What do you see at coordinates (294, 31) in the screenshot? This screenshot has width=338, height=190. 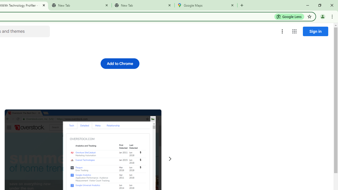 I see `'Google apps'` at bounding box center [294, 31].